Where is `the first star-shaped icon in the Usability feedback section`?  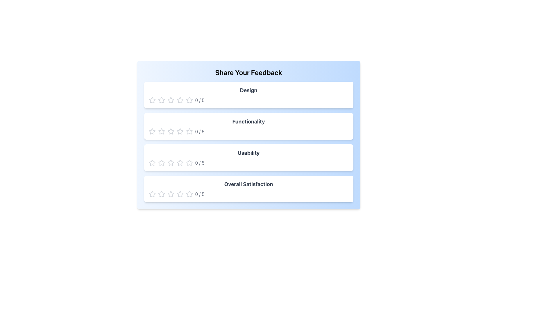
the first star-shaped icon in the Usability feedback section is located at coordinates (152, 163).